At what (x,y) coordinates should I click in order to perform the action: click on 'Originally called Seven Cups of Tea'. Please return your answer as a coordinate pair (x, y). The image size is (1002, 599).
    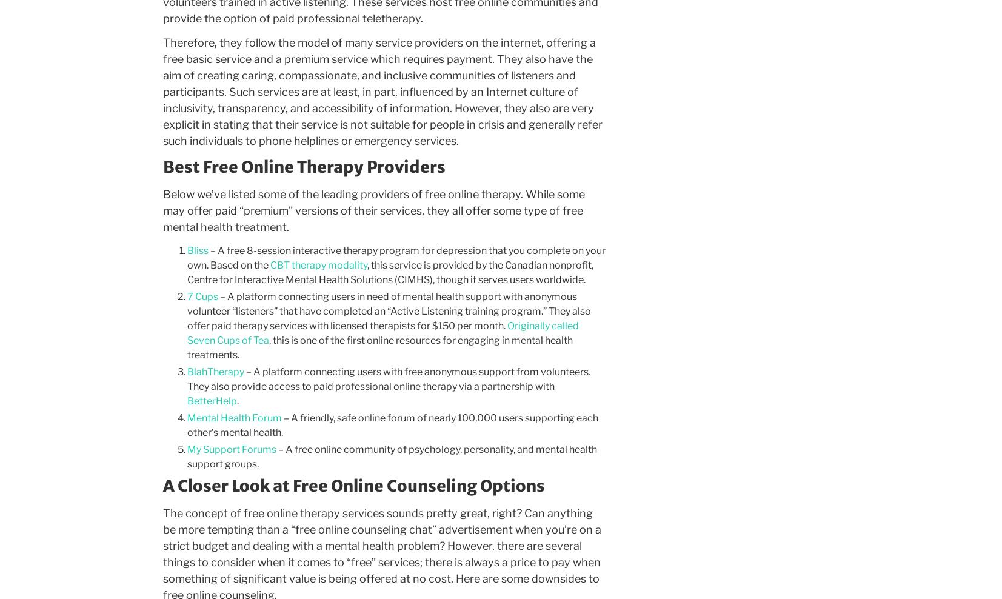
    Looking at the image, I should click on (185, 332).